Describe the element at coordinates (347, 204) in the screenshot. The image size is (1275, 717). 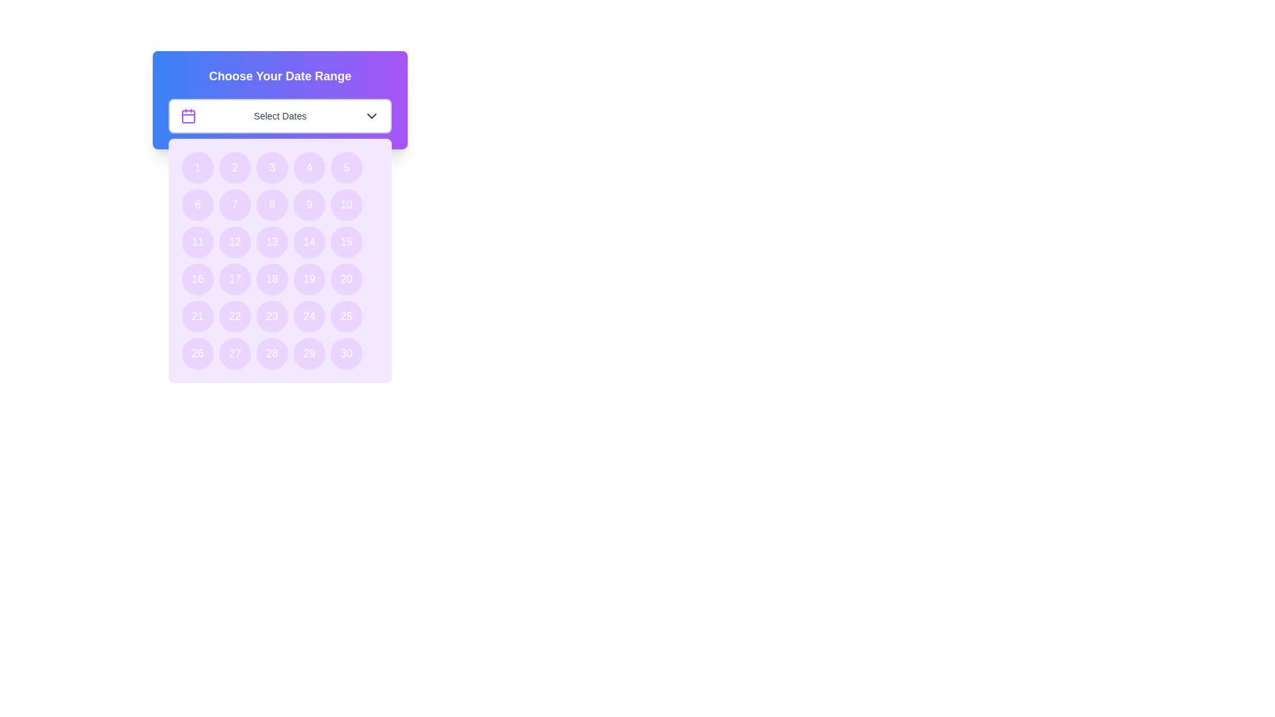
I see `the circular button with a light purple background displaying the number '10'` at that location.